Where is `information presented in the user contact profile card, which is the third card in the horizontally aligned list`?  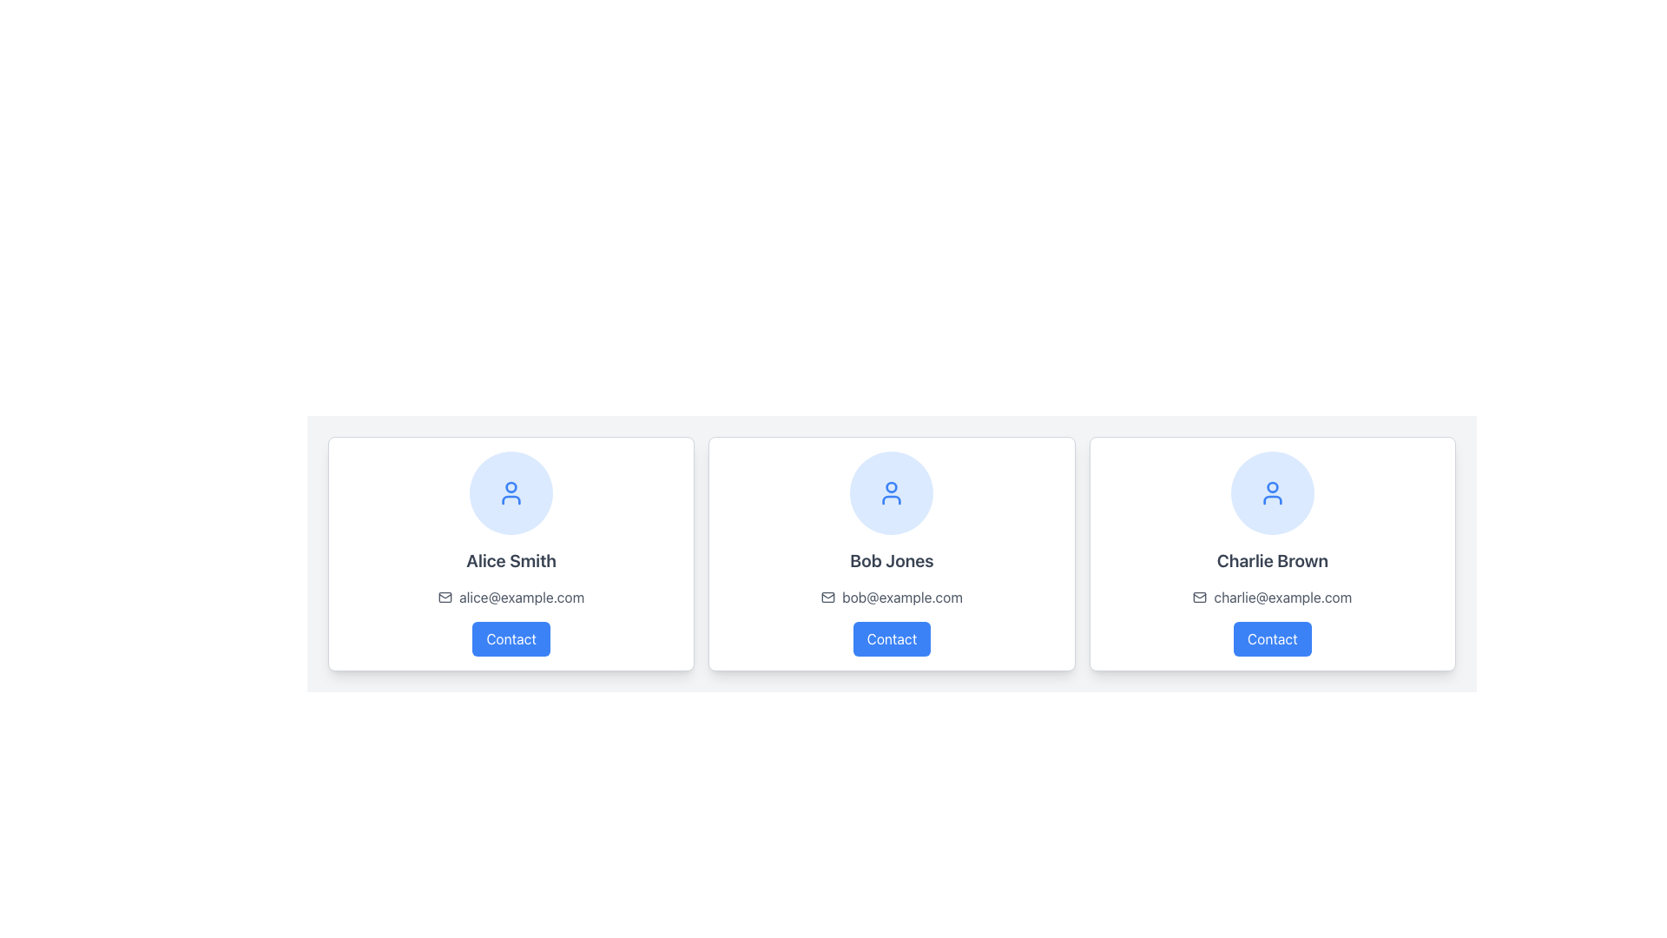 information presented in the user contact profile card, which is the third card in the horizontally aligned list is located at coordinates (1272, 553).